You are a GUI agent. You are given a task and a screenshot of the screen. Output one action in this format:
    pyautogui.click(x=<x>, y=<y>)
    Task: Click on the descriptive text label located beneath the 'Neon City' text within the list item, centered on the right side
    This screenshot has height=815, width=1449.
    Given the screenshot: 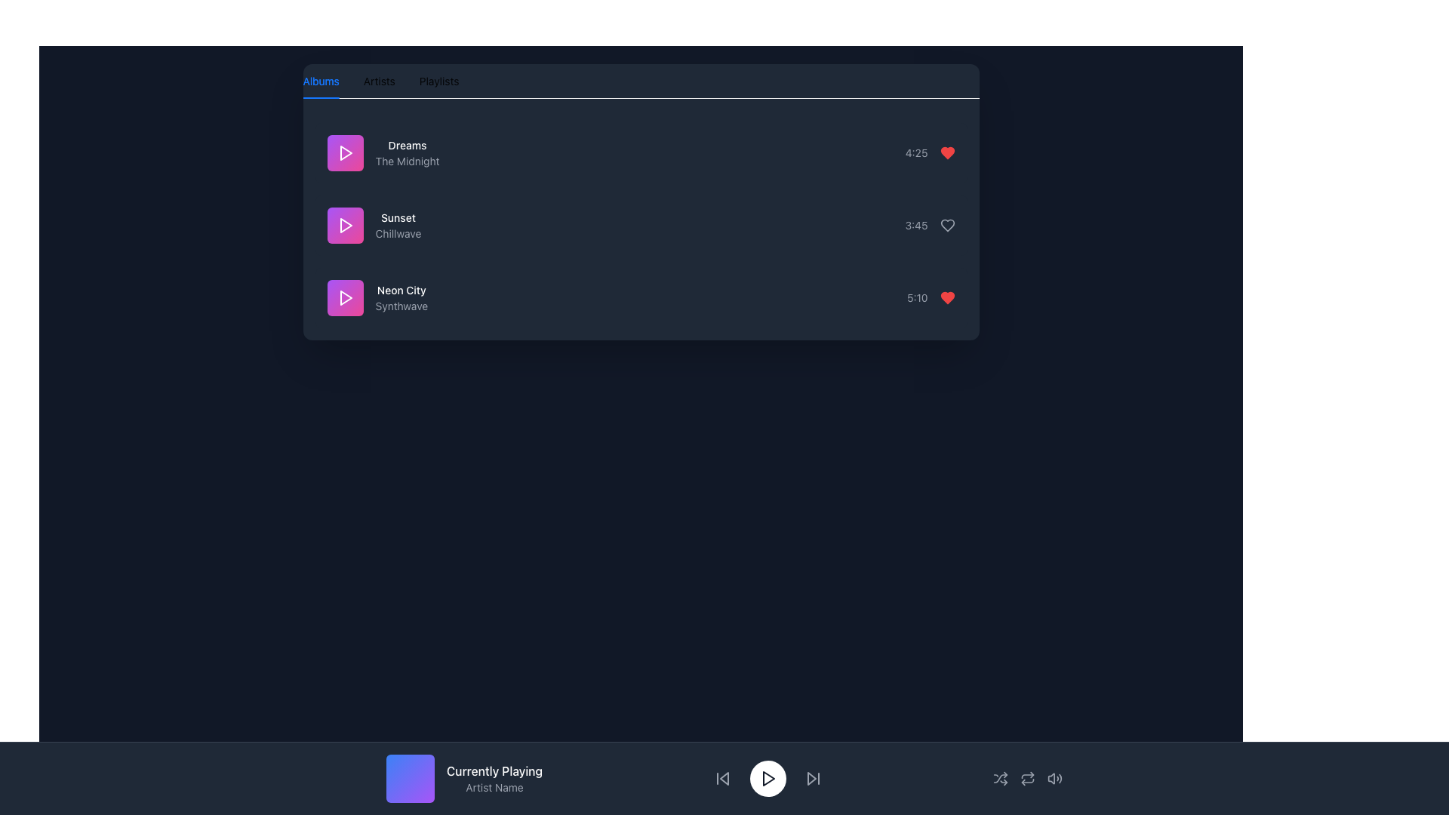 What is the action you would take?
    pyautogui.click(x=401, y=306)
    